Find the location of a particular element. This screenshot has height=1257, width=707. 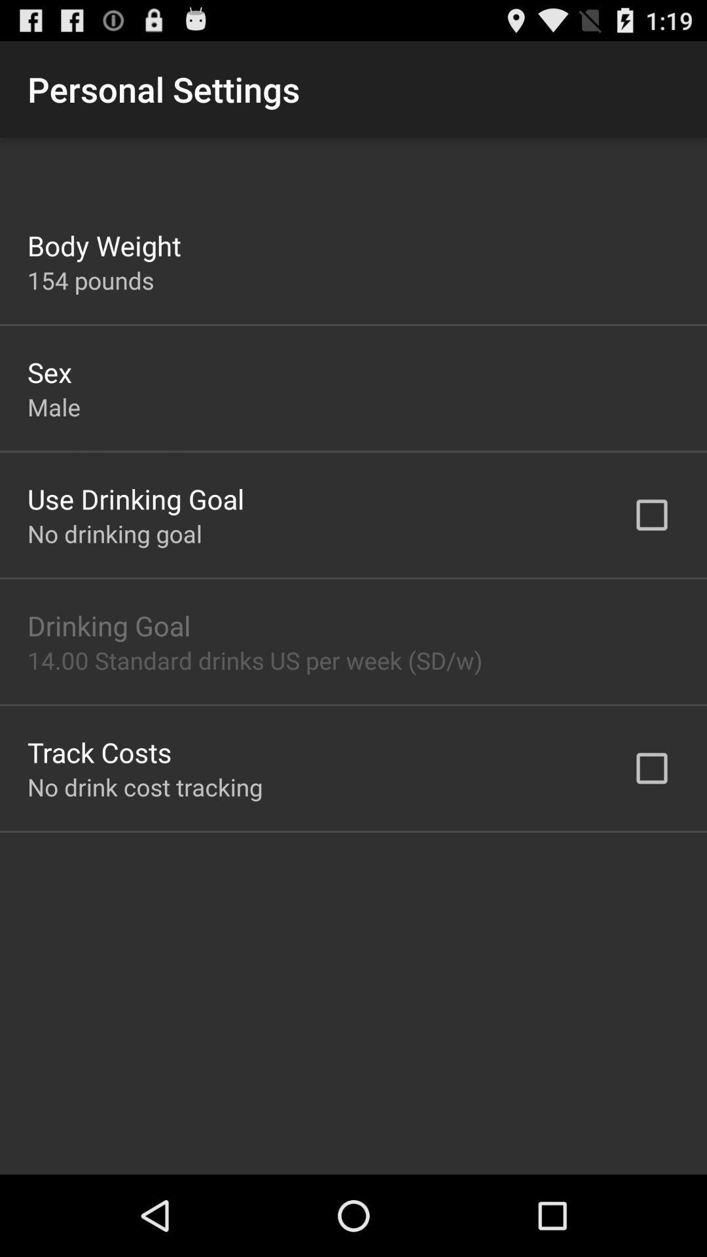

app above 154 pounds item is located at coordinates (103, 245).